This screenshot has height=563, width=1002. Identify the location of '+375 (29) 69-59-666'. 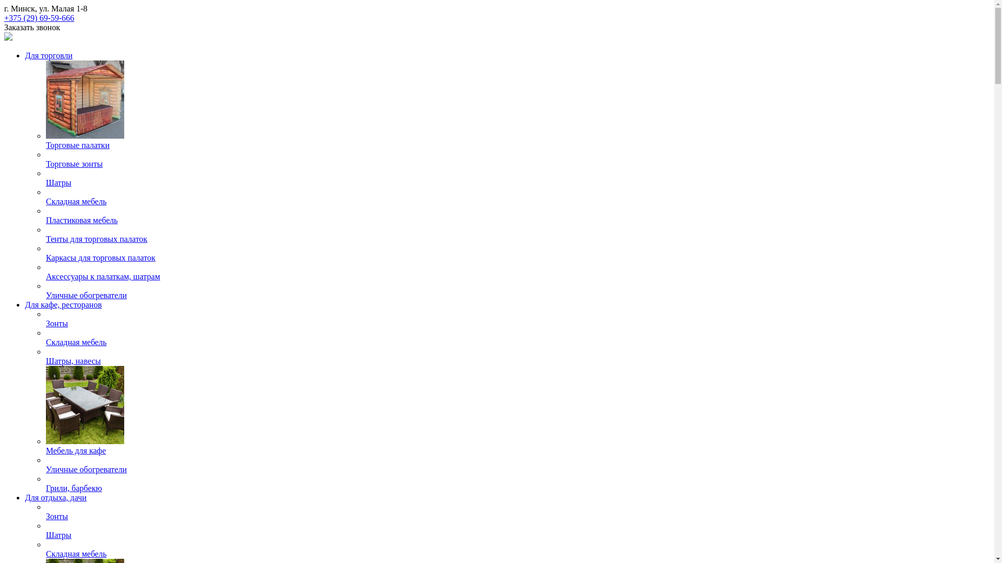
(39, 18).